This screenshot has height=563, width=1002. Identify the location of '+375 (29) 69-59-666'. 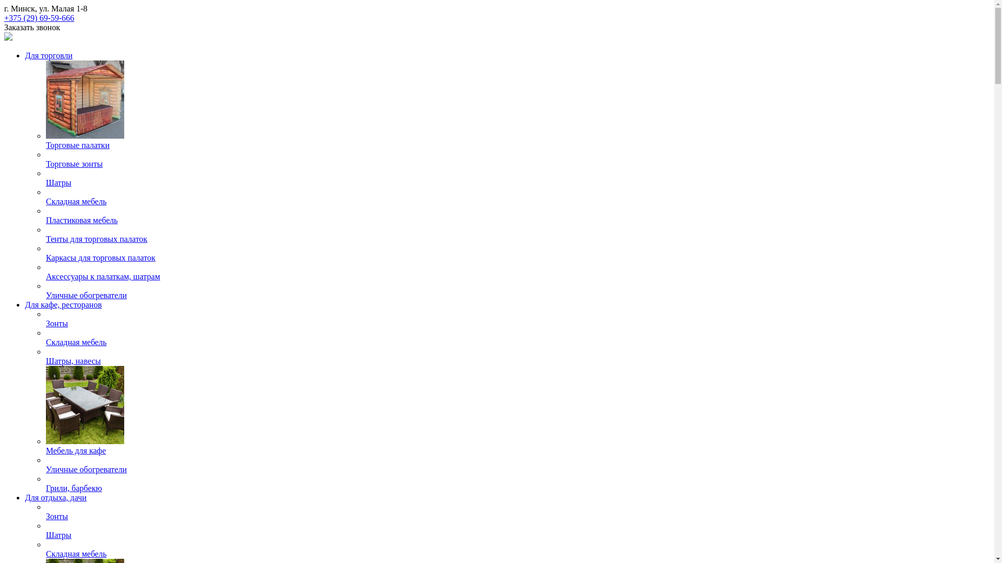
(39, 18).